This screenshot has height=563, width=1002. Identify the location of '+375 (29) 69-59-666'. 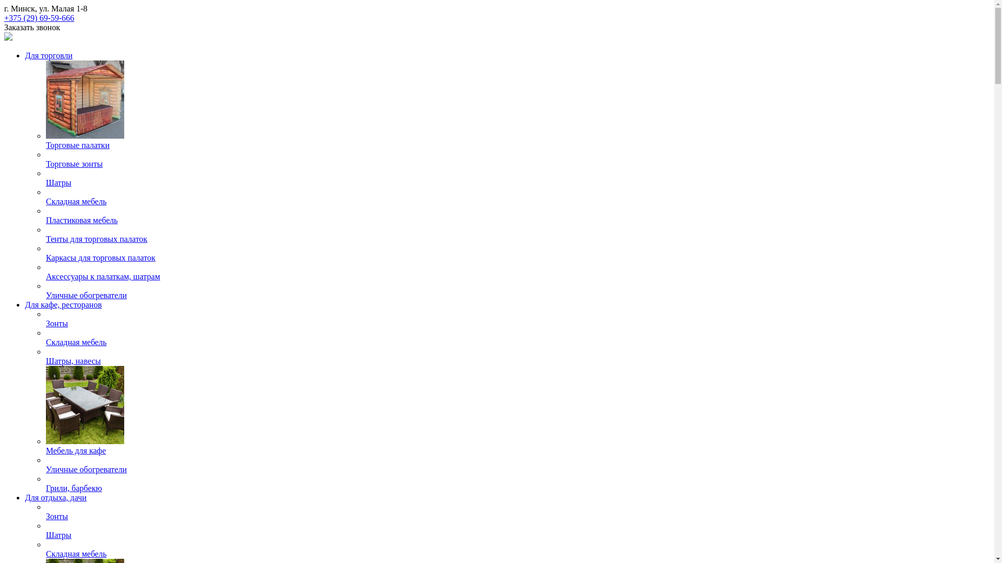
(39, 18).